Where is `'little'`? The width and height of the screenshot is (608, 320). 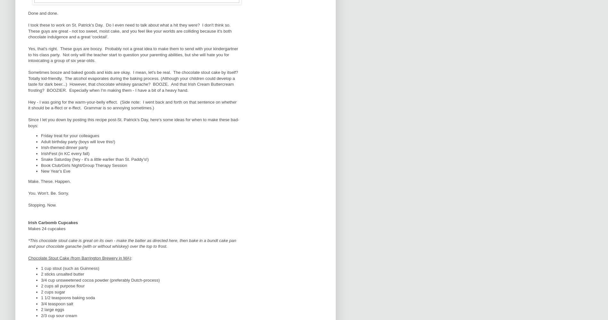 'little' is located at coordinates (98, 159).